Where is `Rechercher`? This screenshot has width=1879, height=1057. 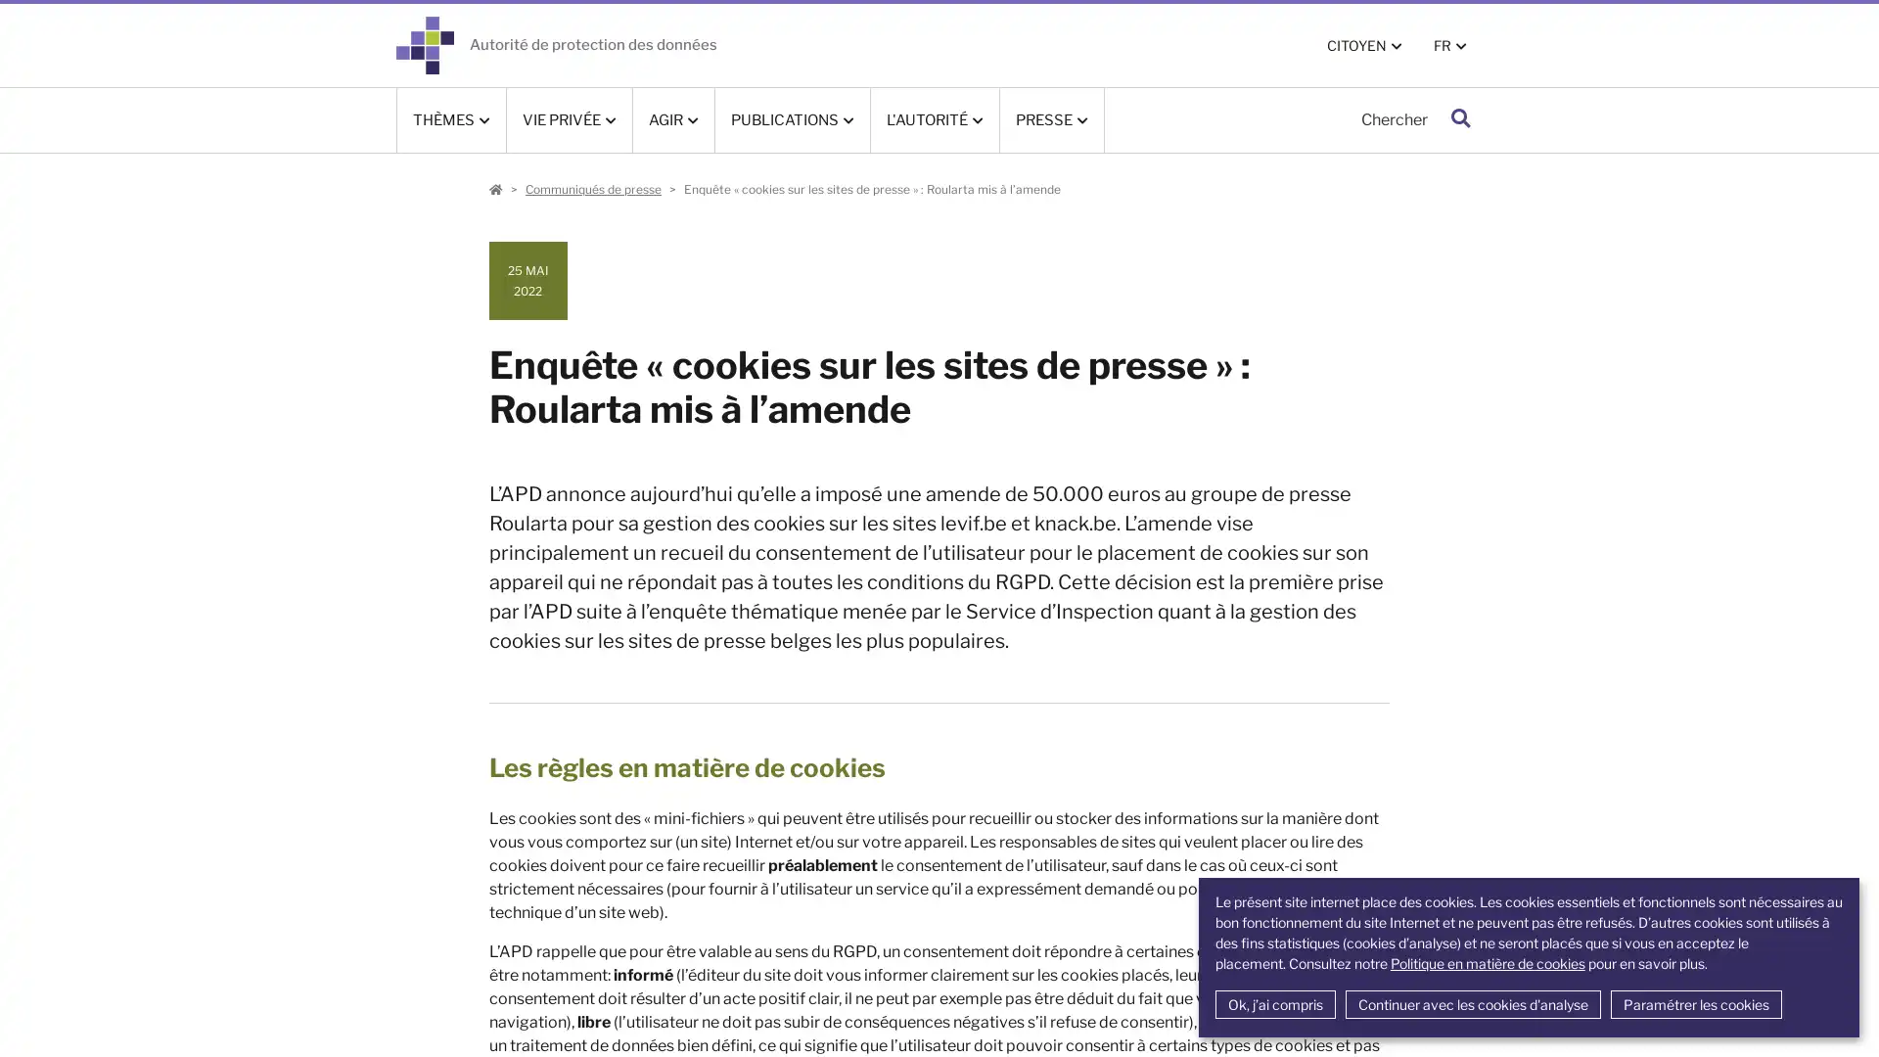 Rechercher is located at coordinates (1460, 119).